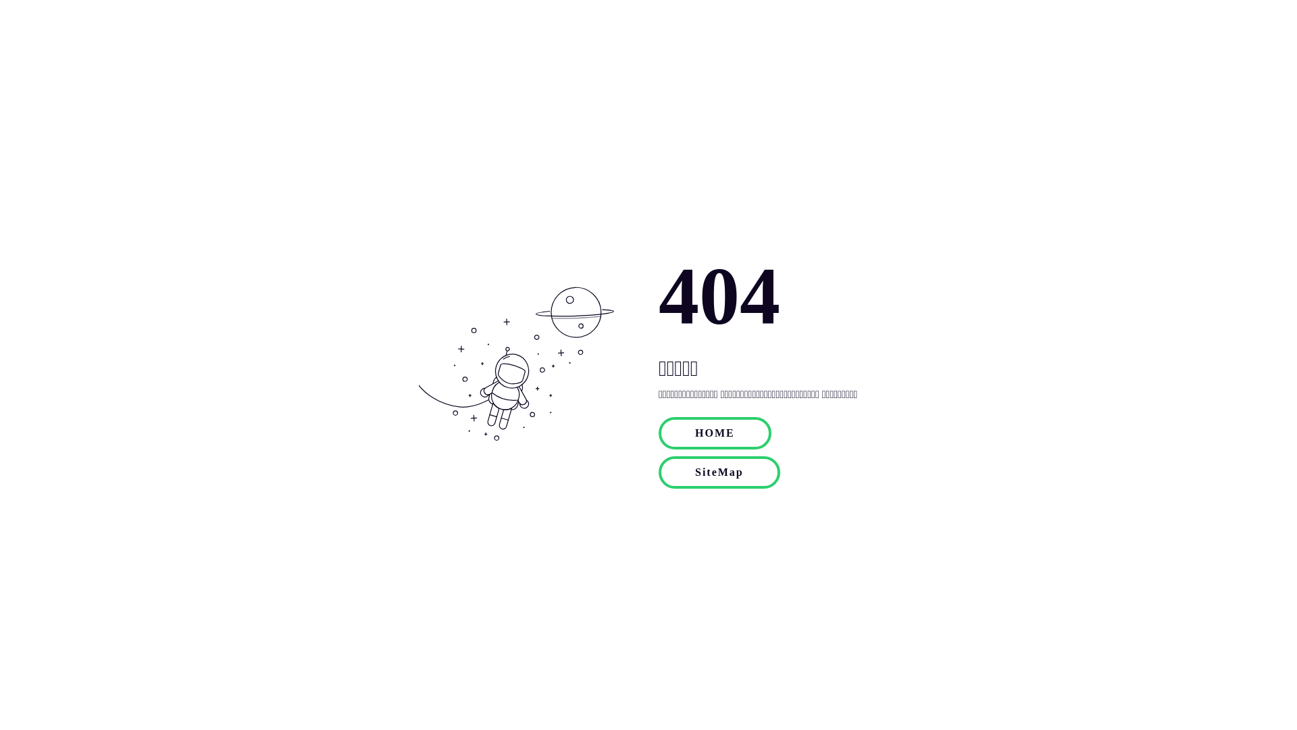 This screenshot has width=1297, height=730. What do you see at coordinates (719, 470) in the screenshot?
I see `'SiteMap'` at bounding box center [719, 470].